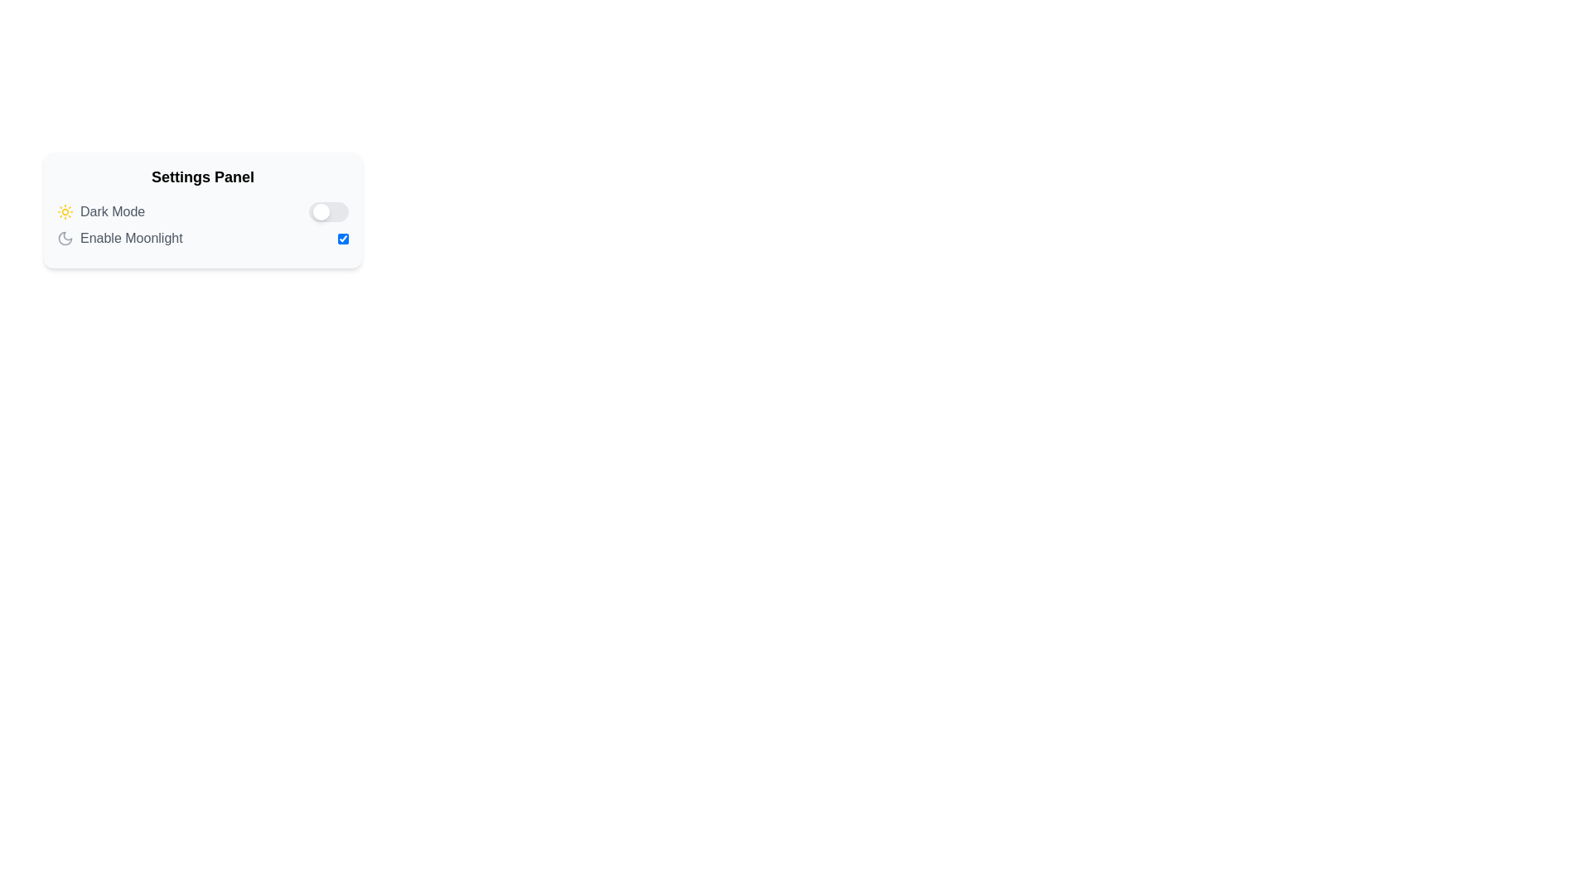  I want to click on the crescent moon icon representing the 'Enable Moonlight' feature in the settings panel, so click(65, 239).